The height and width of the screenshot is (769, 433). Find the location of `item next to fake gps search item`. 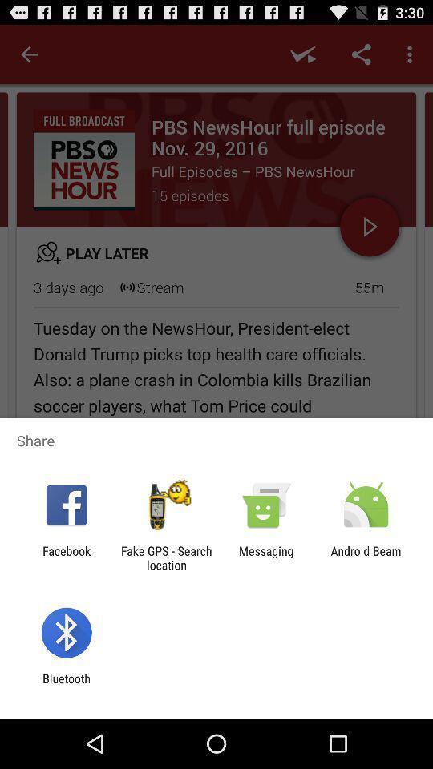

item next to fake gps search item is located at coordinates (266, 558).